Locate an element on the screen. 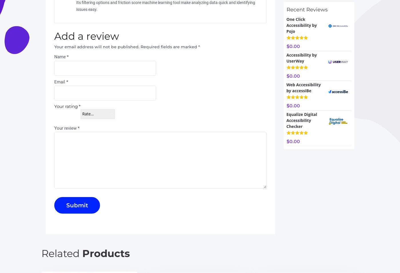 The height and width of the screenshot is (273, 400). 'Your rating' is located at coordinates (66, 106).